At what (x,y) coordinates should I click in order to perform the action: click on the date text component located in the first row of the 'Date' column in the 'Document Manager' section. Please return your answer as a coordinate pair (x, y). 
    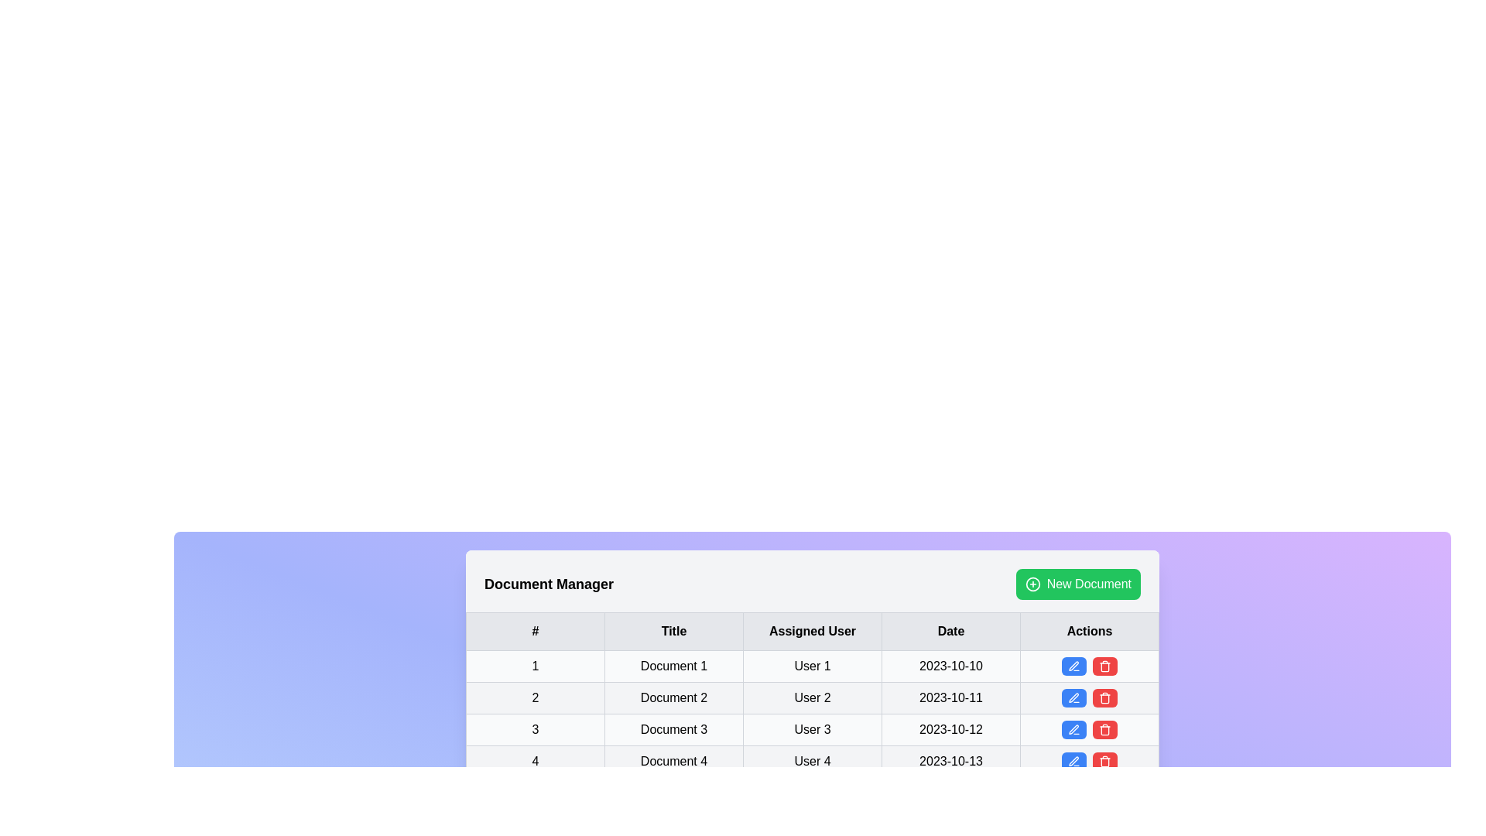
    Looking at the image, I should click on (950, 665).